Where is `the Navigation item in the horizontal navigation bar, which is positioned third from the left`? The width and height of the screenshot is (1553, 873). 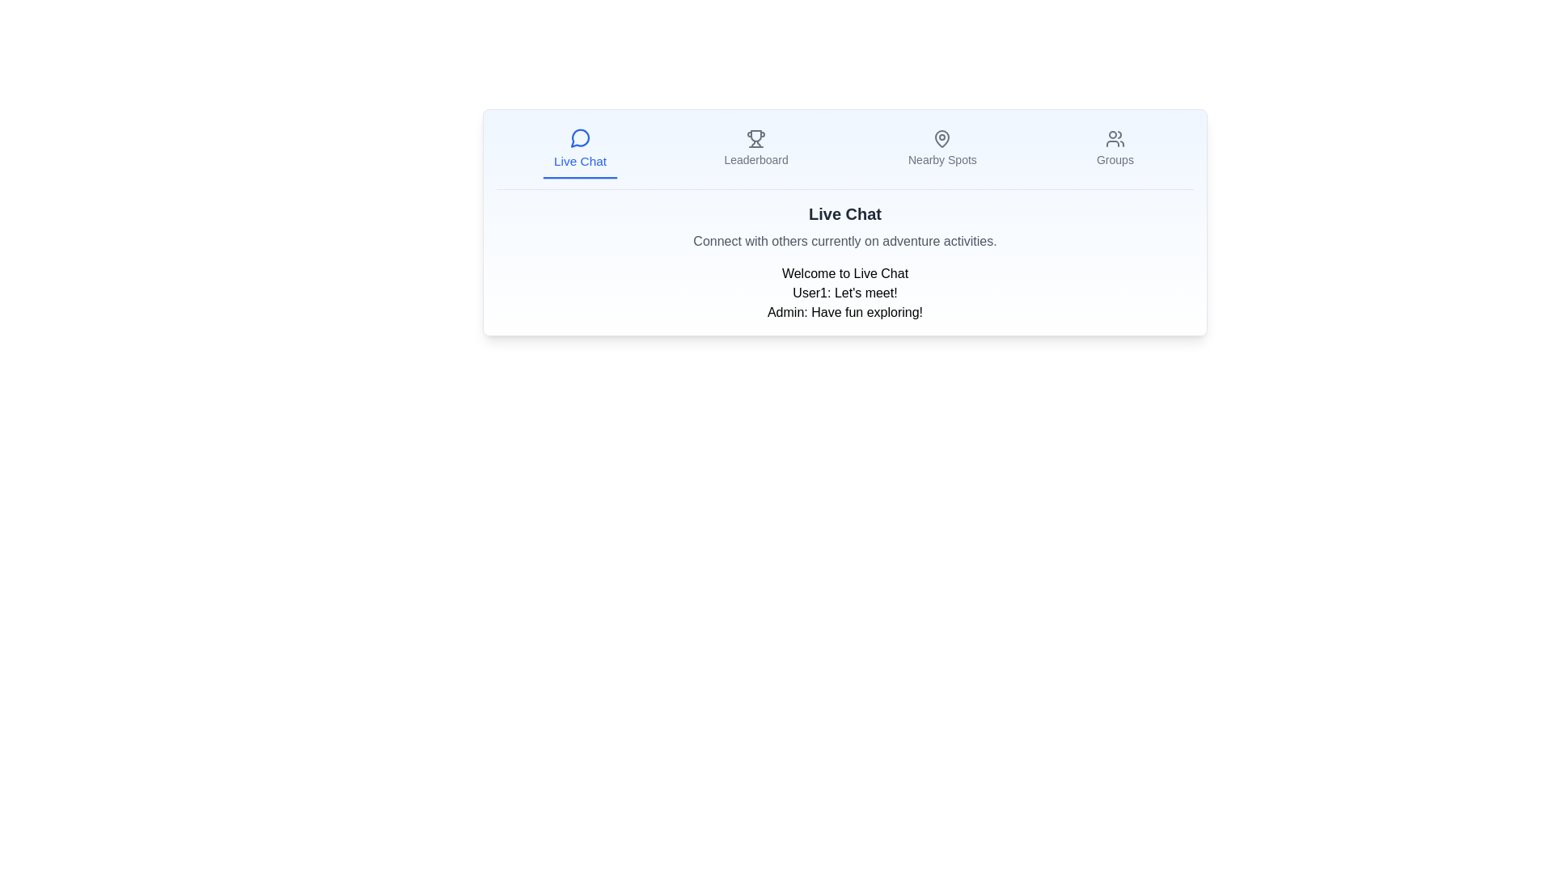 the Navigation item in the horizontal navigation bar, which is positioned third from the left is located at coordinates (942, 150).